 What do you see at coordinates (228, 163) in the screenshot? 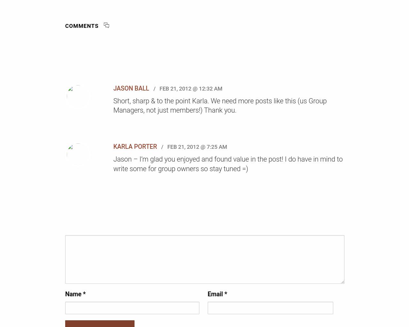
I see `'Jason – I’m glad you enjoyed and found value in the post! I do have in mind to write some for group owners so stay tuned =)'` at bounding box center [228, 163].